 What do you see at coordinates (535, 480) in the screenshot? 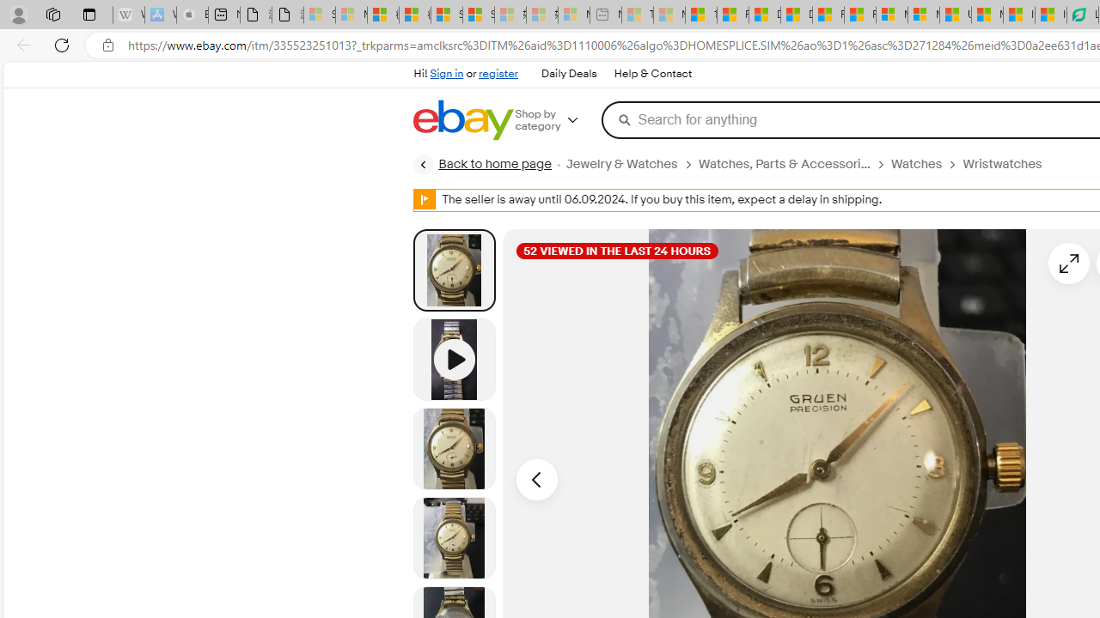
I see `'Previous image - Item images thumbnails'` at bounding box center [535, 480].